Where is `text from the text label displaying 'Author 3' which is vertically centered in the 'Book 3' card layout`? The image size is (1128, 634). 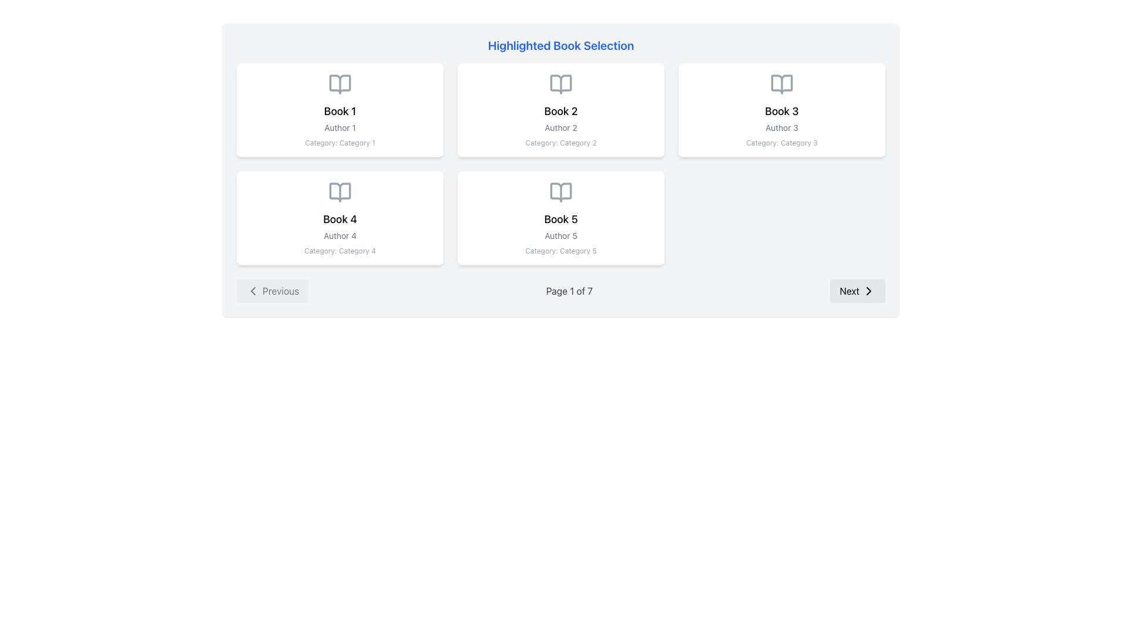
text from the text label displaying 'Author 3' which is vertically centered in the 'Book 3' card layout is located at coordinates (781, 128).